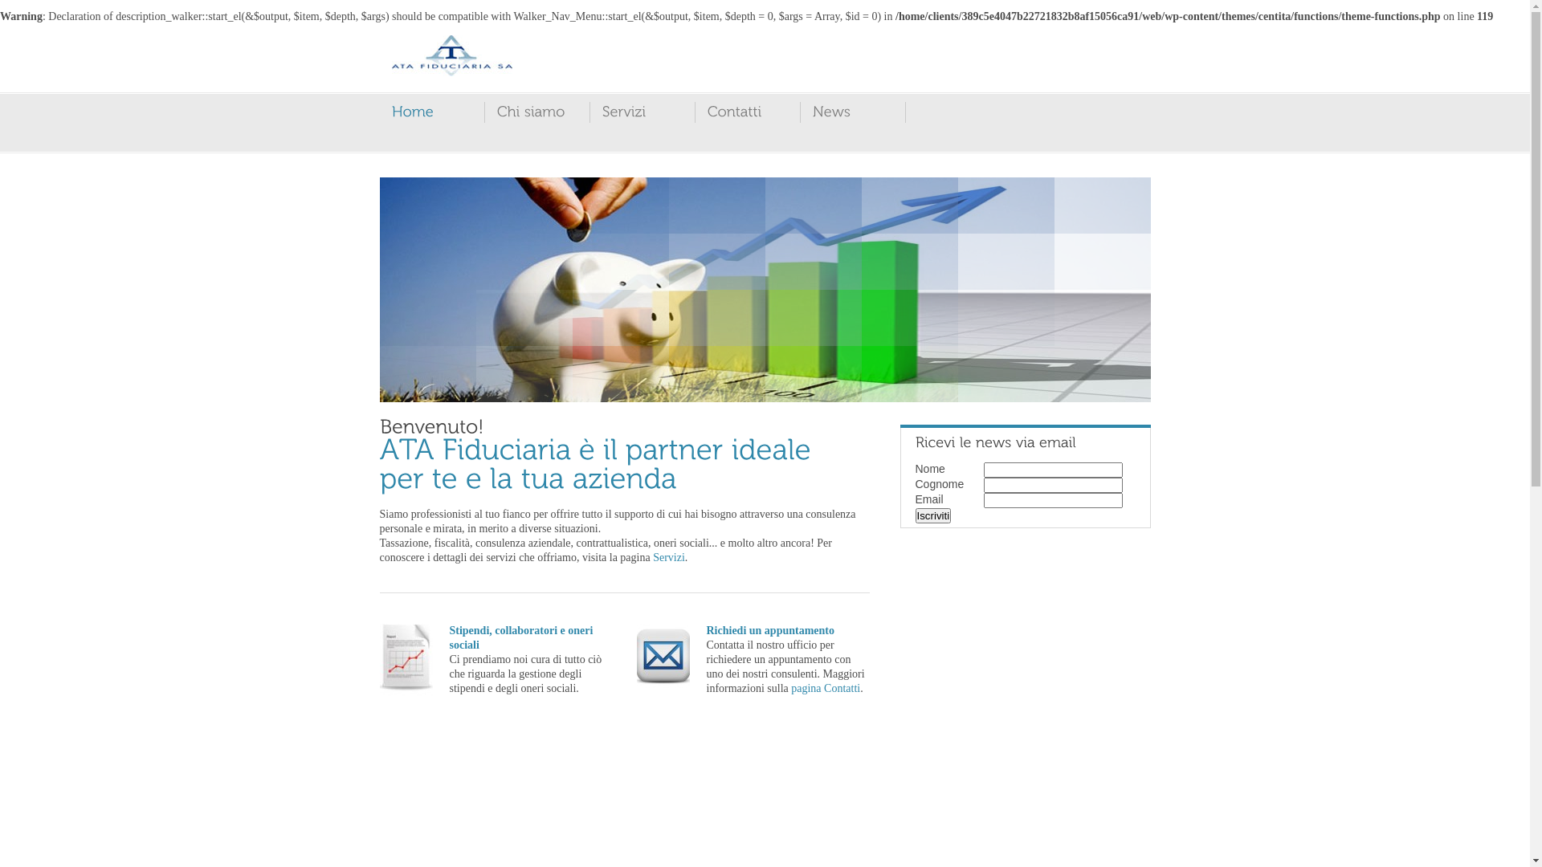 This screenshot has width=1542, height=867. I want to click on 'Iscriviti', so click(933, 515).